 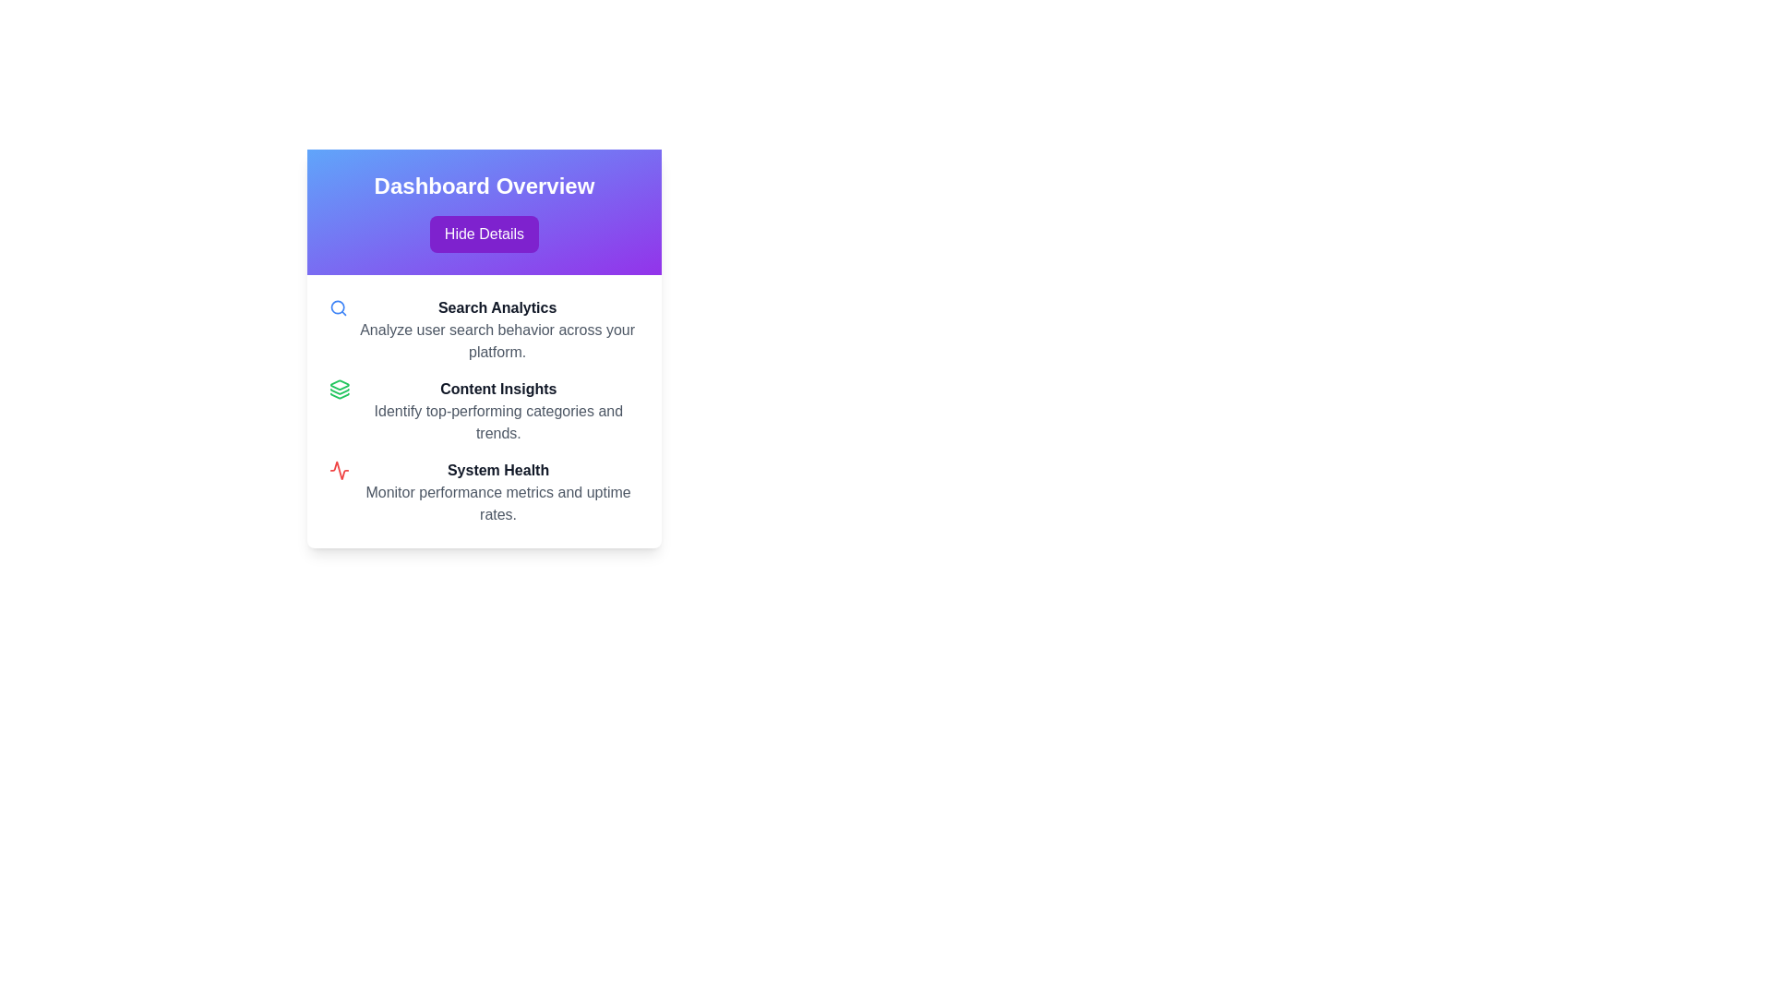 What do you see at coordinates (339, 307) in the screenshot?
I see `the search icon represented by a magnifying glass with a blue outline, located to the left of the text 'Search Analytics' in the dashboard overview` at bounding box center [339, 307].